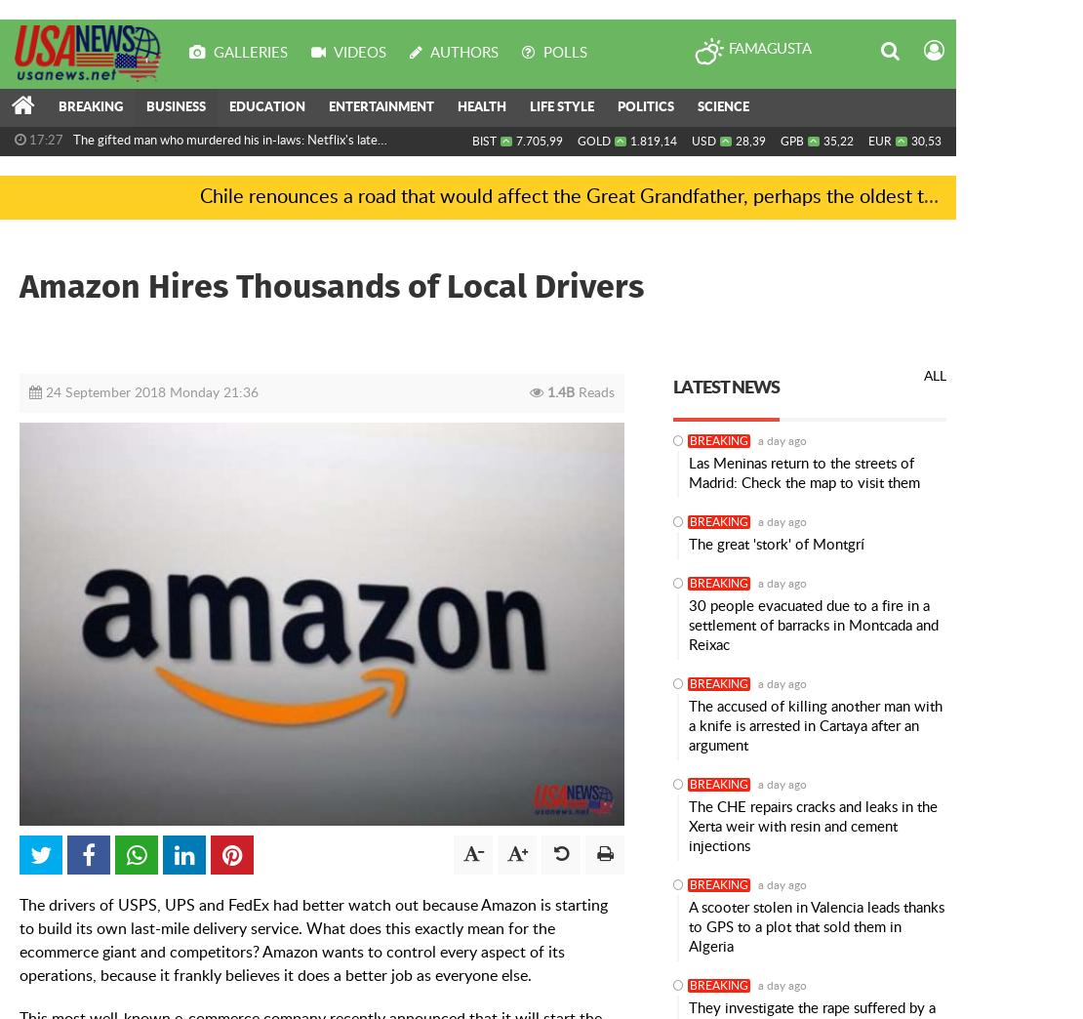 The height and width of the screenshot is (1019, 1083). I want to click on '1.4B', so click(560, 391).